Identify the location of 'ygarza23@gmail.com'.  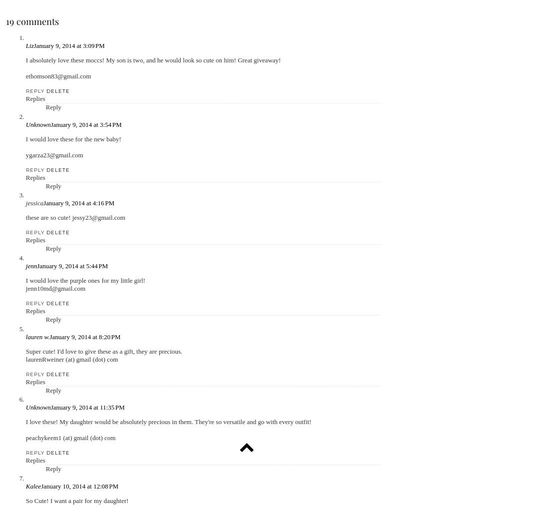
(54, 154).